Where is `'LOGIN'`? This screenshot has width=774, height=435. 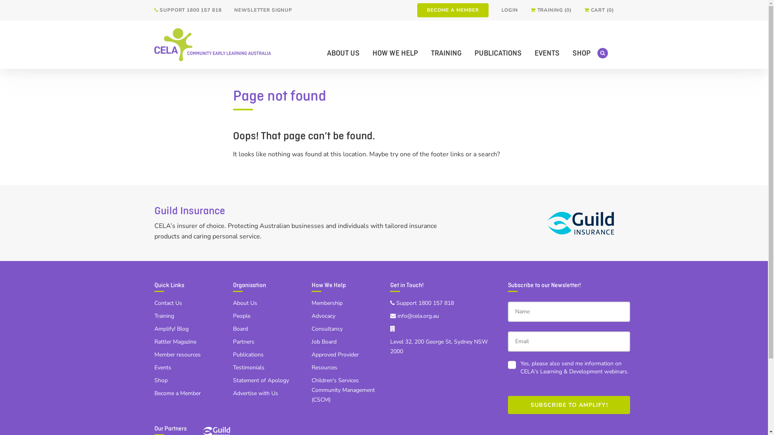 'LOGIN' is located at coordinates (509, 10).